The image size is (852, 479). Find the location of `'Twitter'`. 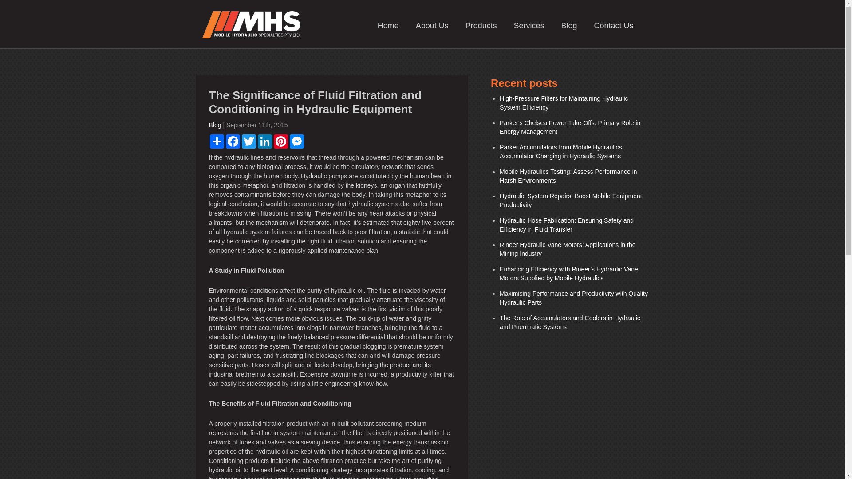

'Twitter' is located at coordinates (248, 141).